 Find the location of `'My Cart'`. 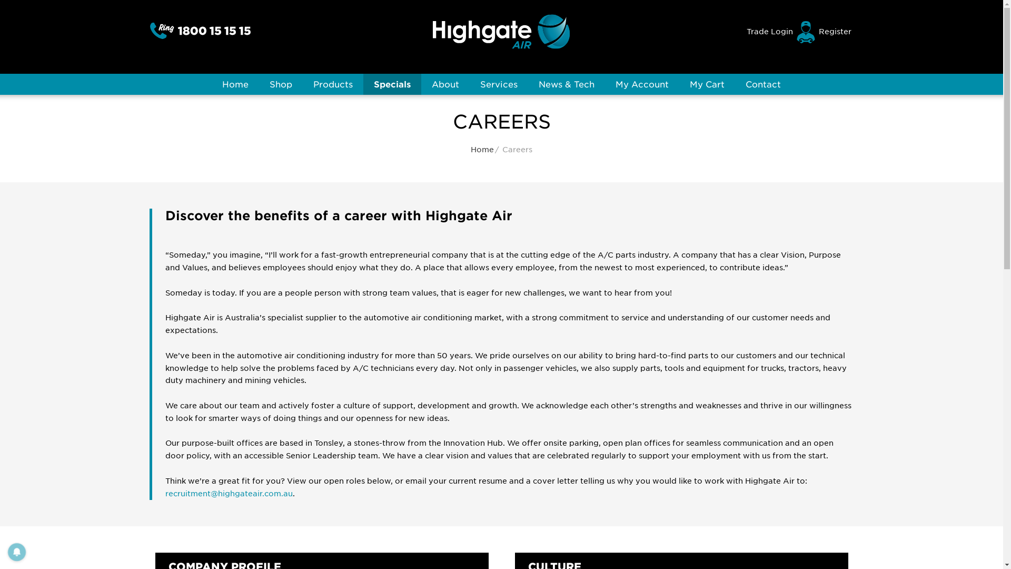

'My Cart' is located at coordinates (707, 83).